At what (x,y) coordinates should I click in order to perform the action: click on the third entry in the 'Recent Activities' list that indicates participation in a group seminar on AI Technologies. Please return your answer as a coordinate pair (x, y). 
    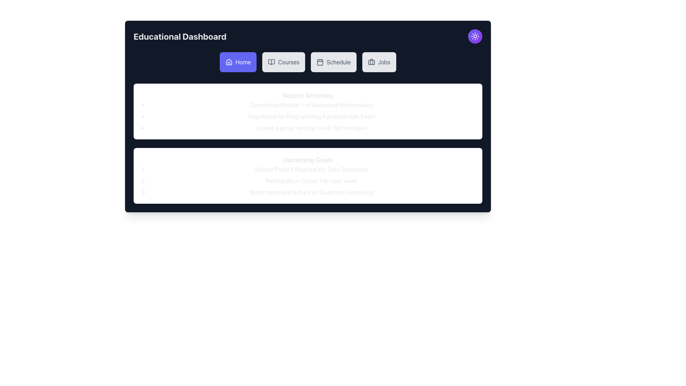
    Looking at the image, I should click on (312, 128).